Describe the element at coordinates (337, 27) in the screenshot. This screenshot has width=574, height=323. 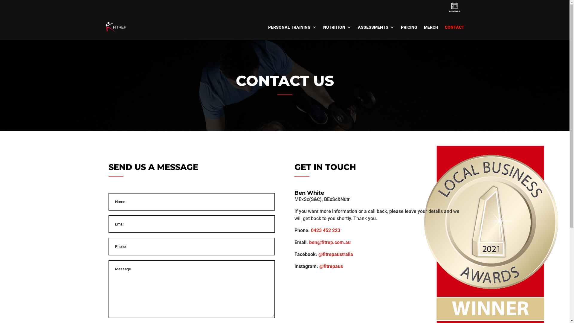
I see `'NUTRITION'` at that location.